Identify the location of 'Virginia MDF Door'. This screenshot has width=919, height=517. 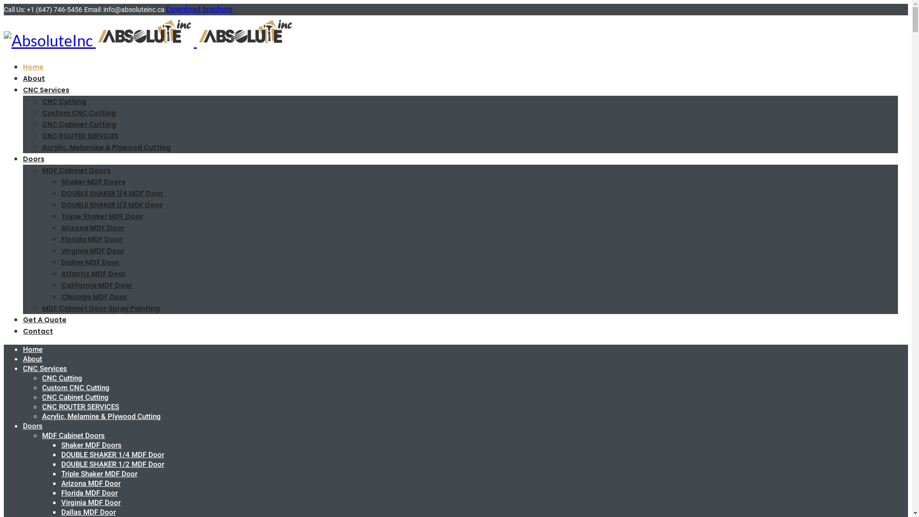
(92, 250).